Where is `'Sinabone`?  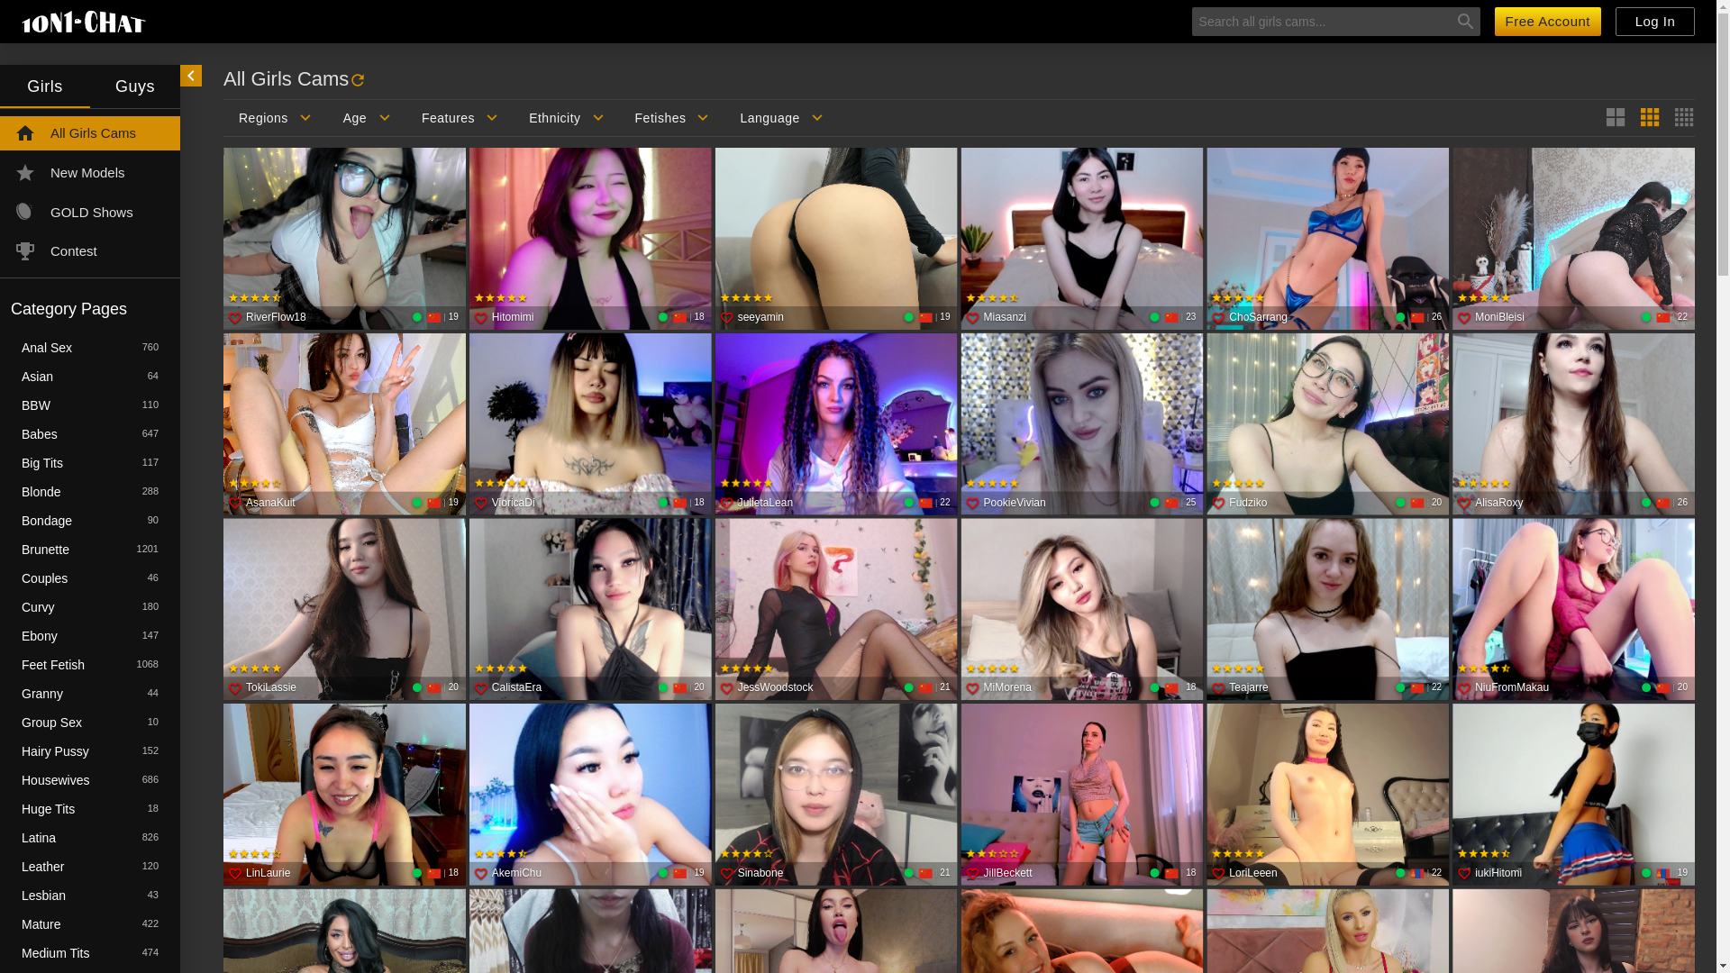
'Sinabone is located at coordinates (835, 795).